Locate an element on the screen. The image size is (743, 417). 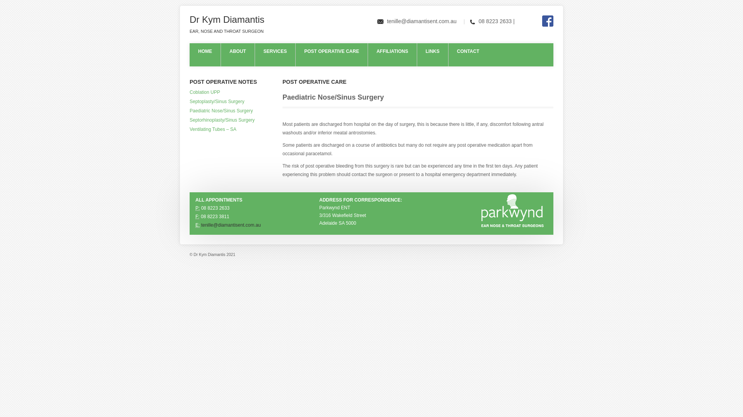
'LINKS' is located at coordinates (425, 54).